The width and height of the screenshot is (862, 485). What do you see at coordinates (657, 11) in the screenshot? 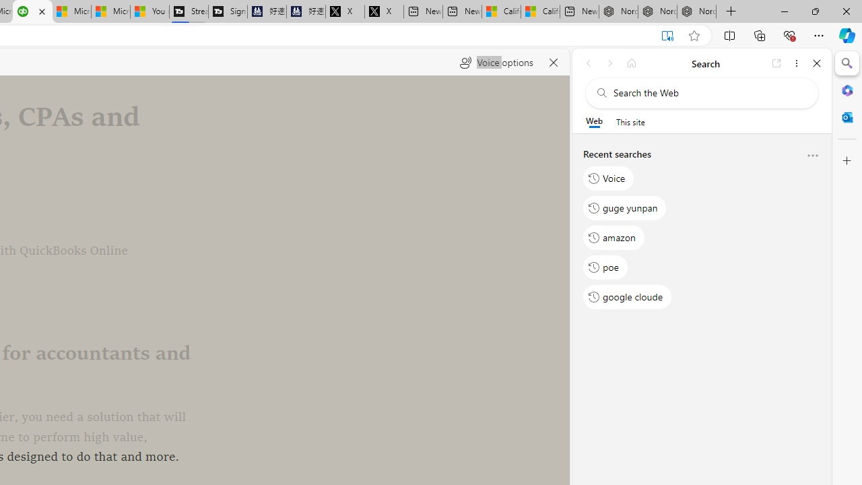
I see `'Nordace Siena Pro 15 Backpack'` at bounding box center [657, 11].